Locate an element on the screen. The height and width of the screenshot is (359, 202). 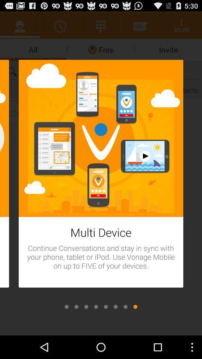
icon at the bottom right corner is located at coordinates (135, 307).